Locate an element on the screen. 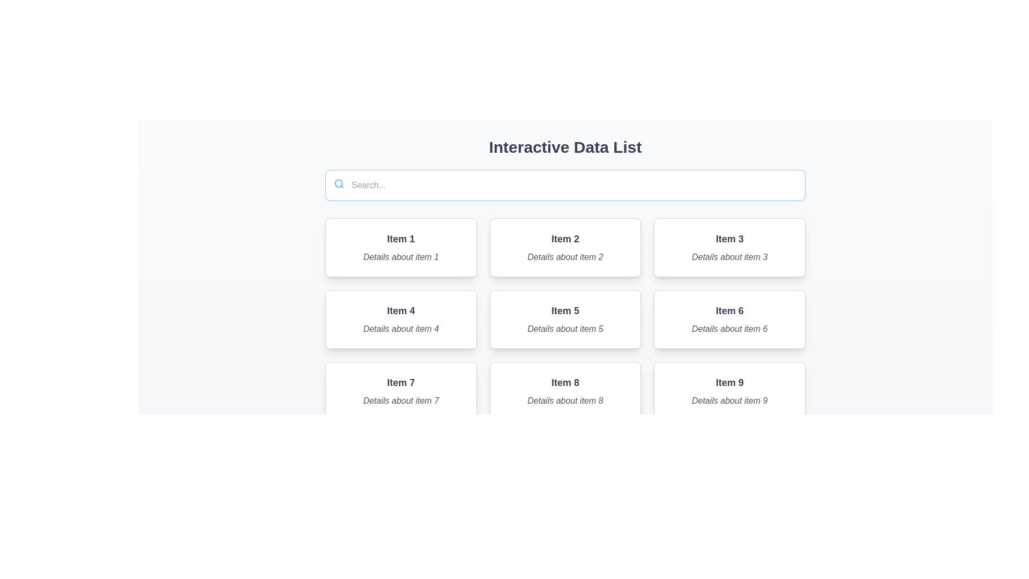 The image size is (1029, 579). the fifth card in the grid layout is located at coordinates (565, 319).